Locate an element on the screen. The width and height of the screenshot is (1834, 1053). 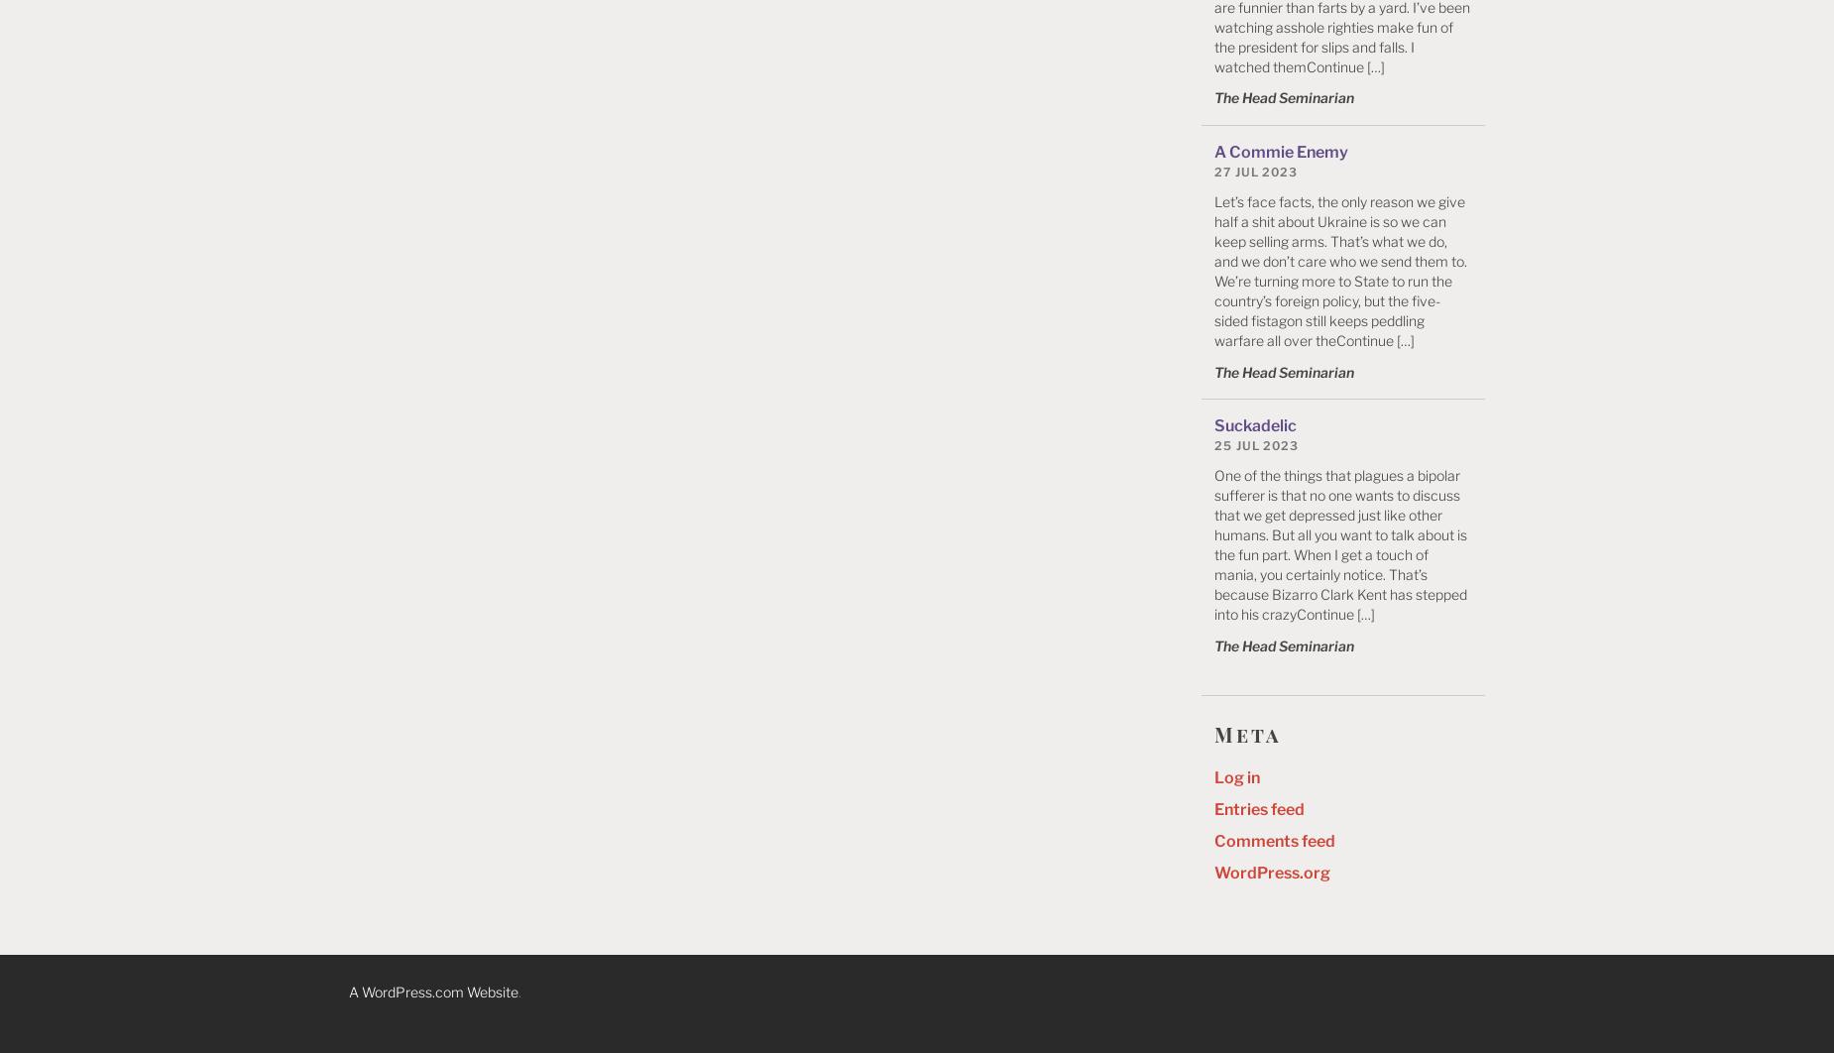
'.' is located at coordinates (517, 991).